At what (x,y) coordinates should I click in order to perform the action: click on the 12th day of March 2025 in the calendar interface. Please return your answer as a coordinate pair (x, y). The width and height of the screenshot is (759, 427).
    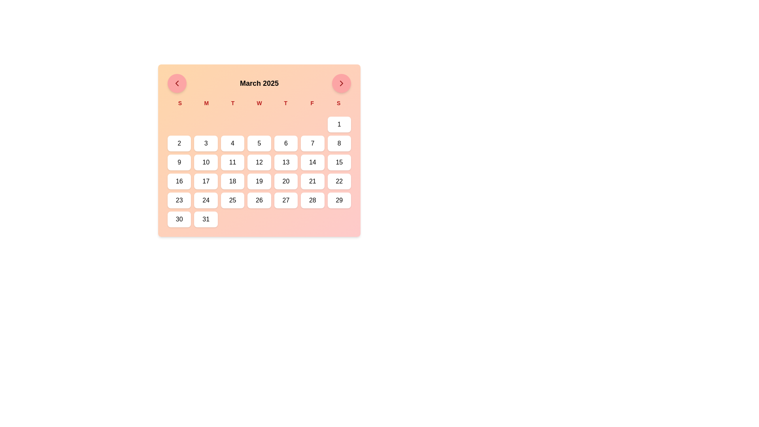
    Looking at the image, I should click on (259, 162).